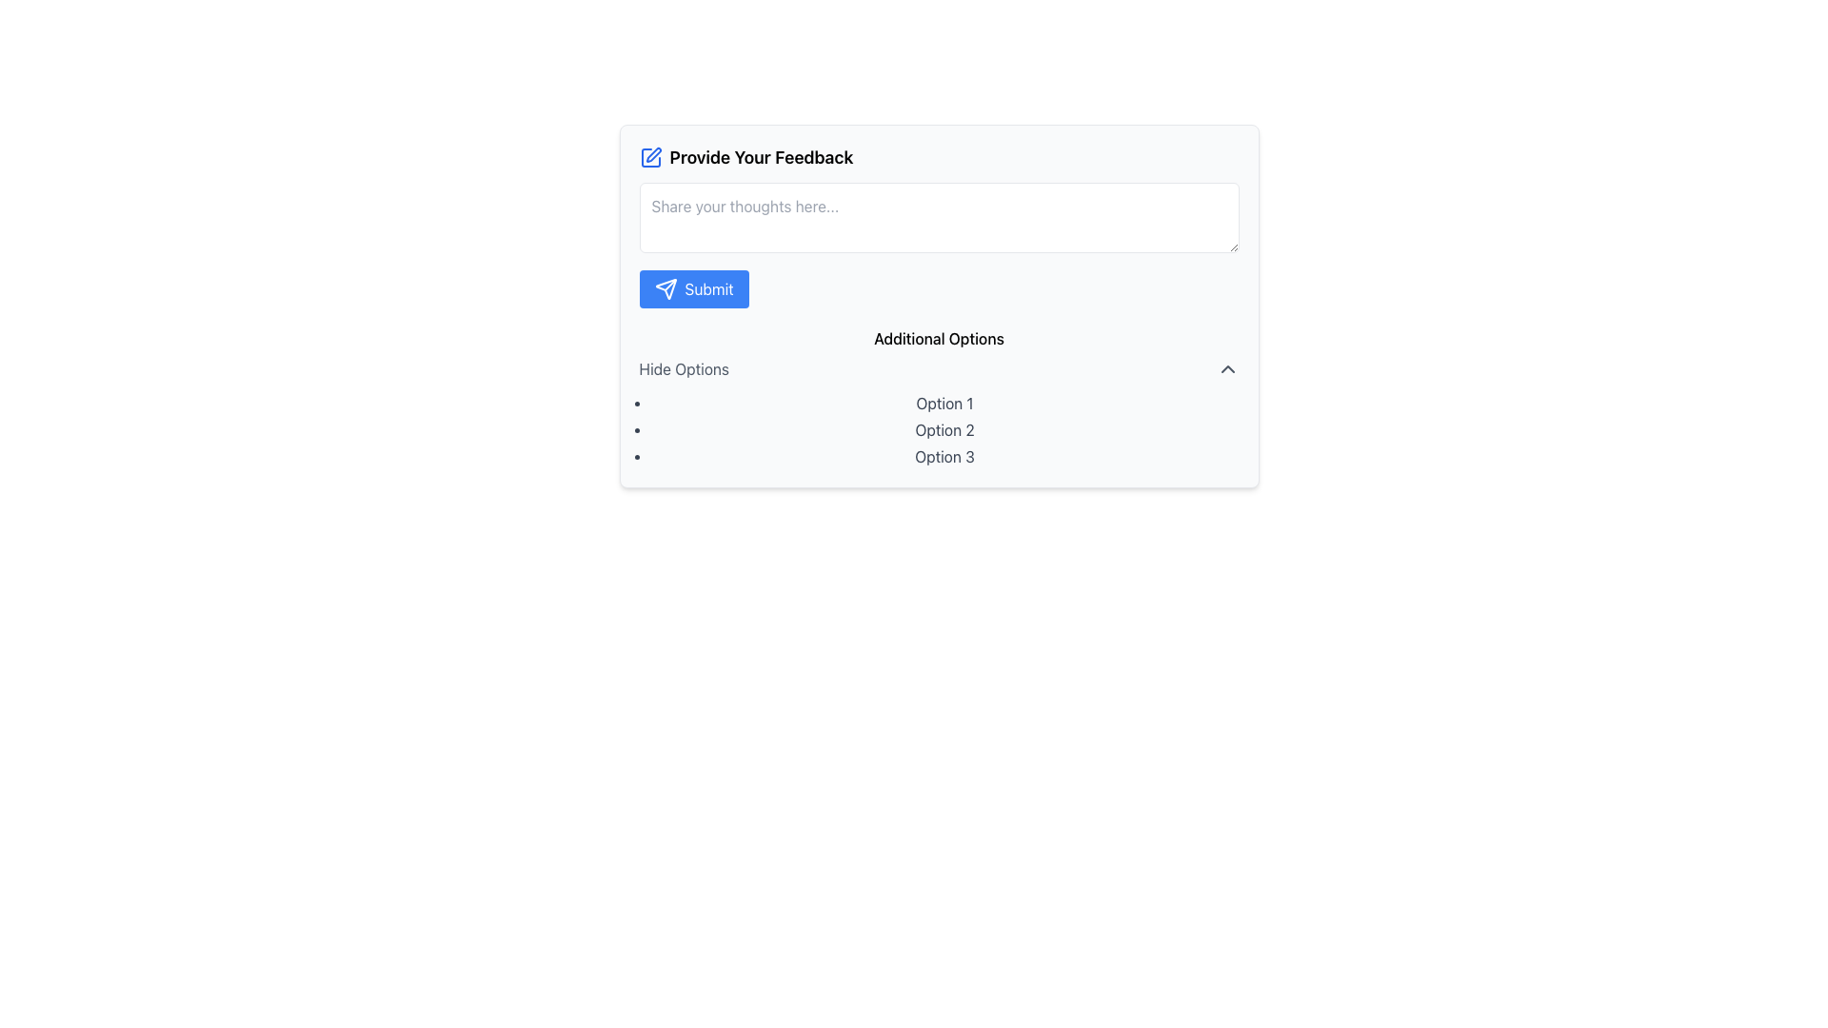 Image resolution: width=1828 pixels, height=1028 pixels. Describe the element at coordinates (944, 403) in the screenshot. I see `the first item in the bulleted list under the 'Additional Options' section` at that location.